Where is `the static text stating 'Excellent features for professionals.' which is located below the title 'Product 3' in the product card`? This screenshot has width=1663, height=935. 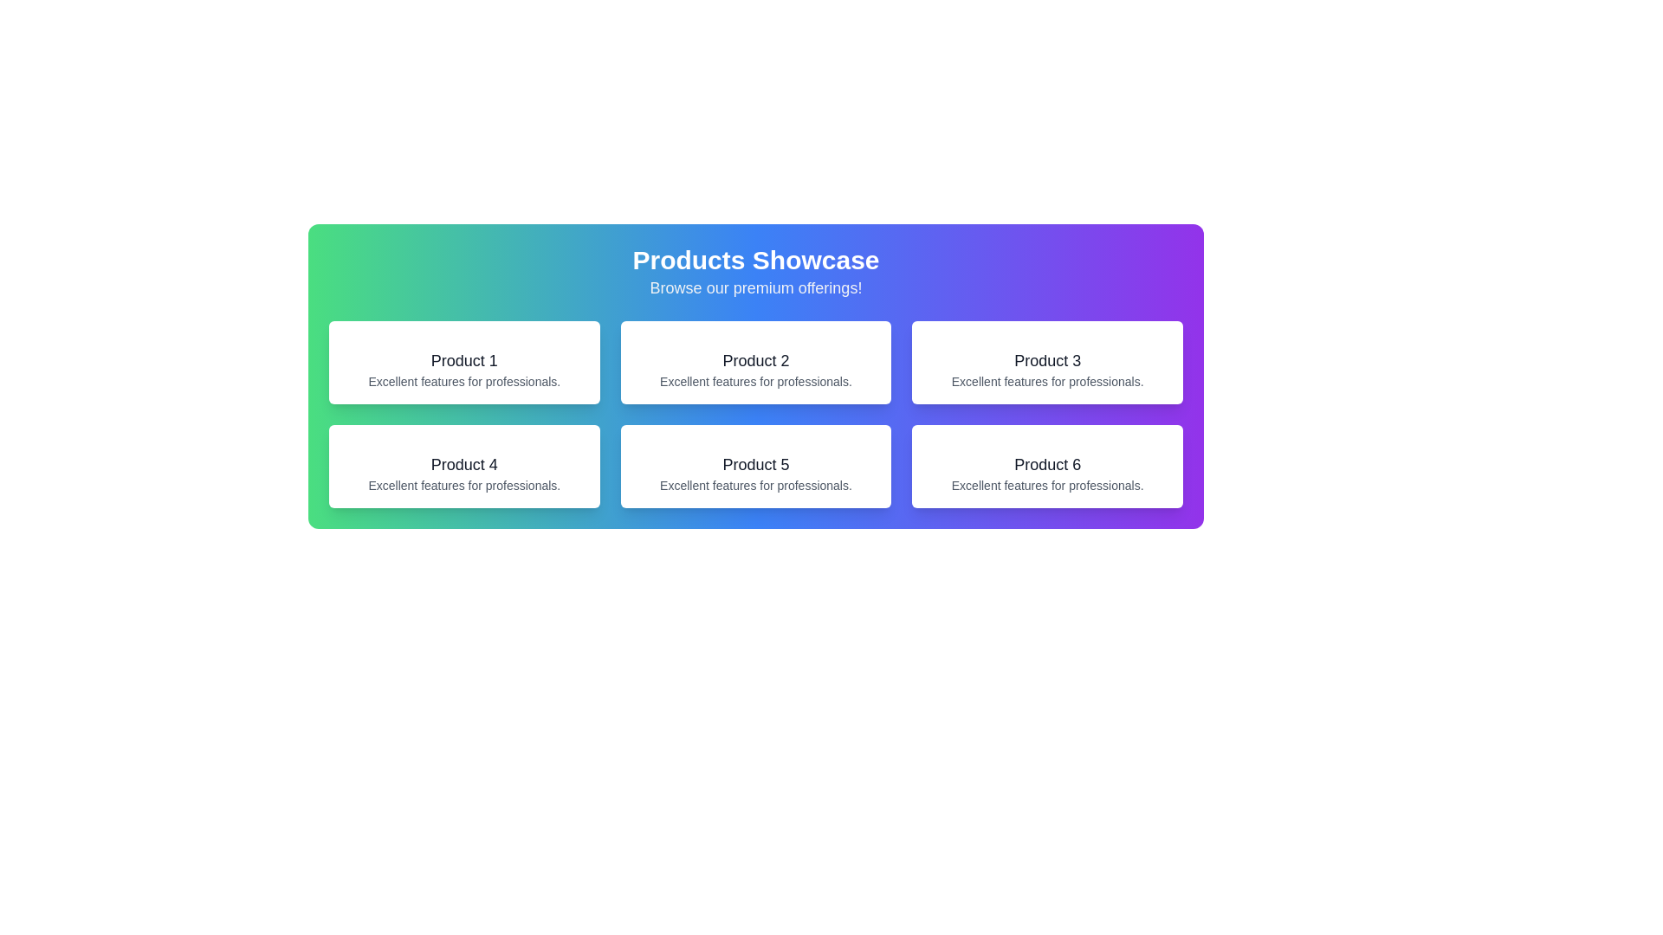 the static text stating 'Excellent features for professionals.' which is located below the title 'Product 3' in the product card is located at coordinates (1046, 380).